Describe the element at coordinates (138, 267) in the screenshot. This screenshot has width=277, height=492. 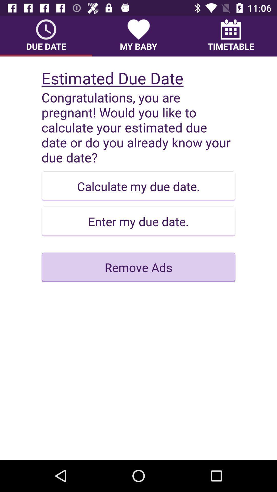
I see `remove ads` at that location.